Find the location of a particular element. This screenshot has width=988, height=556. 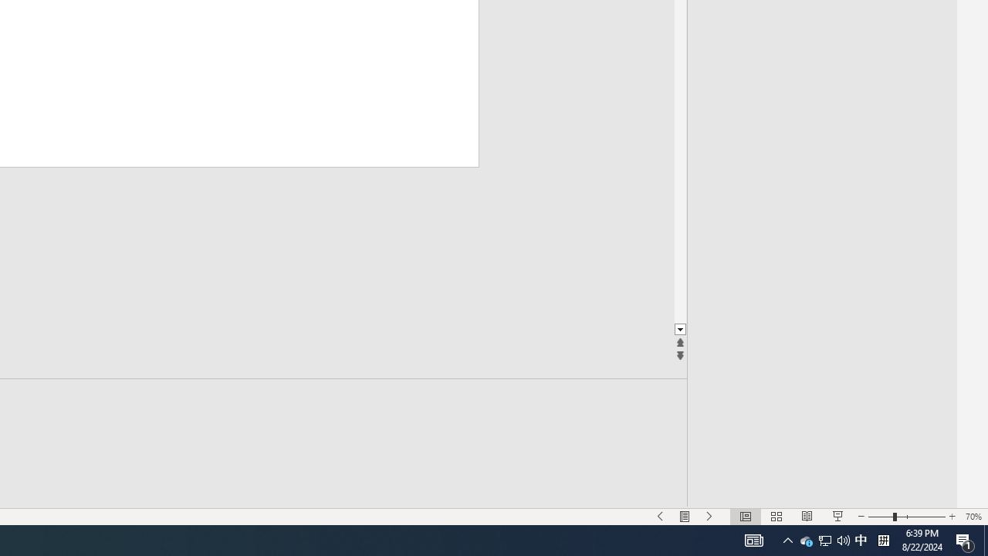

'Slide Show Next On' is located at coordinates (709, 517).